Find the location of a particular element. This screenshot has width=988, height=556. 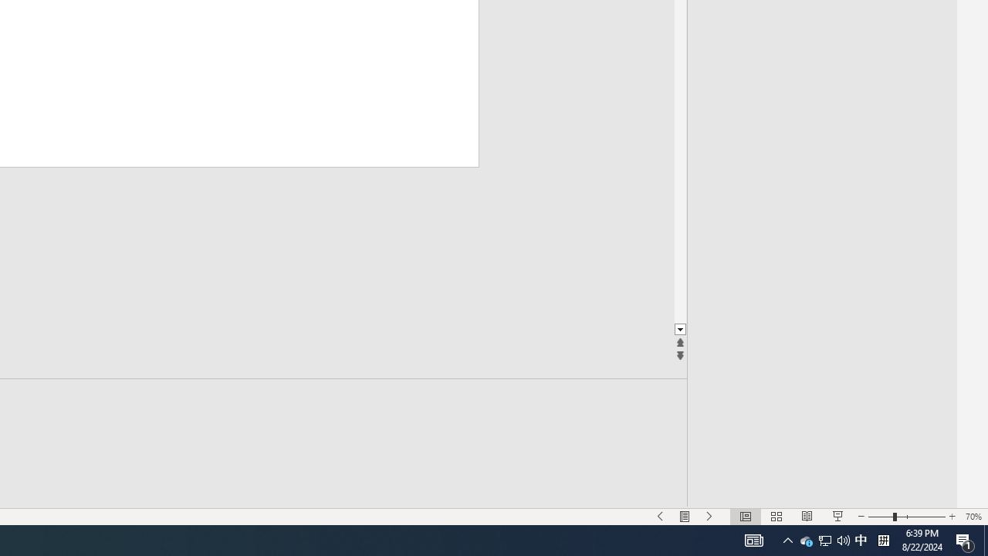

'Slide Show Next On' is located at coordinates (709, 517).